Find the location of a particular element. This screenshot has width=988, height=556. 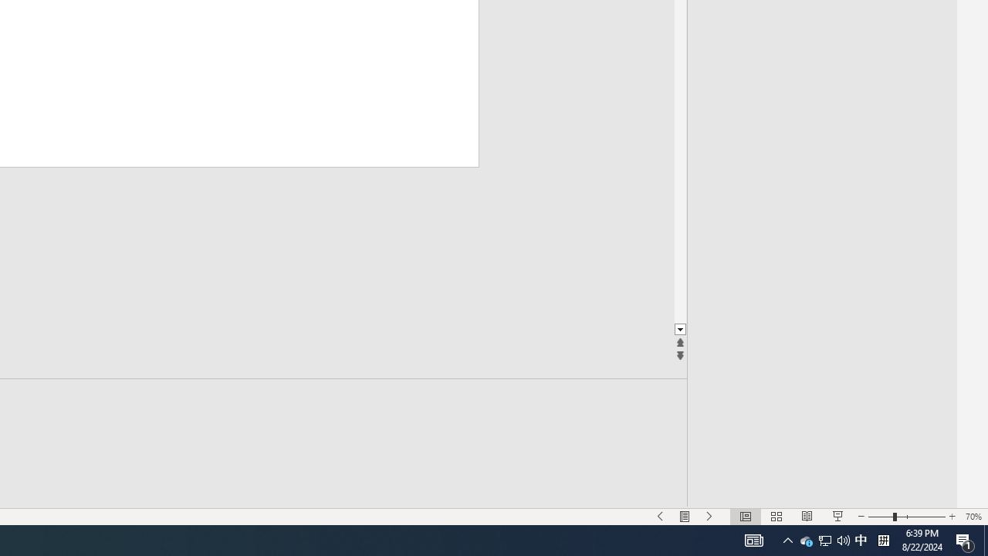

'Slide Show Next On' is located at coordinates (709, 517).